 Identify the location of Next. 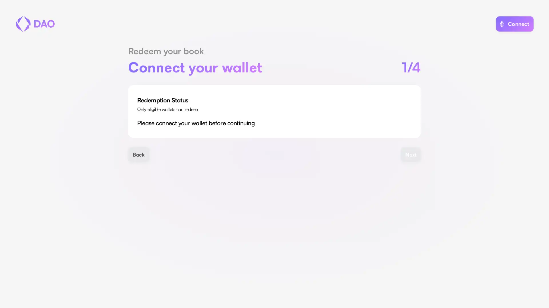
(410, 154).